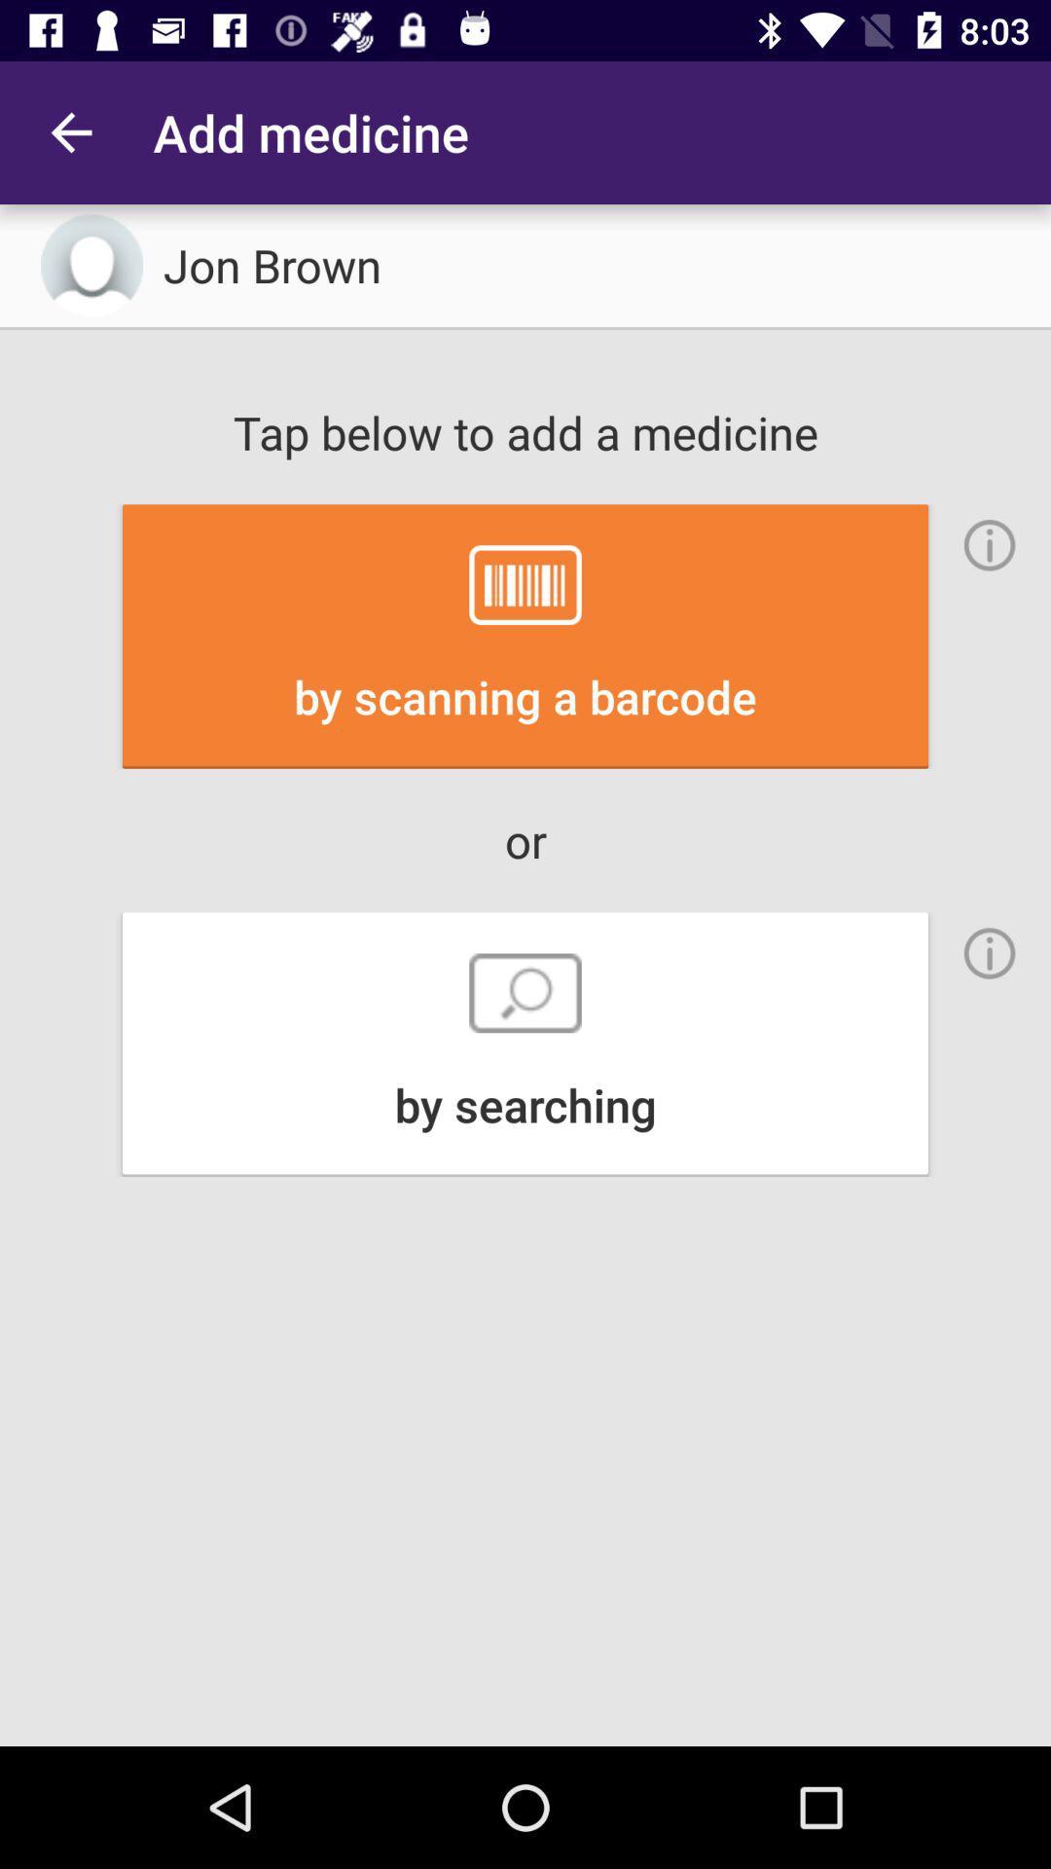 The height and width of the screenshot is (1869, 1051). What do you see at coordinates (990, 953) in the screenshot?
I see `the info icon` at bounding box center [990, 953].